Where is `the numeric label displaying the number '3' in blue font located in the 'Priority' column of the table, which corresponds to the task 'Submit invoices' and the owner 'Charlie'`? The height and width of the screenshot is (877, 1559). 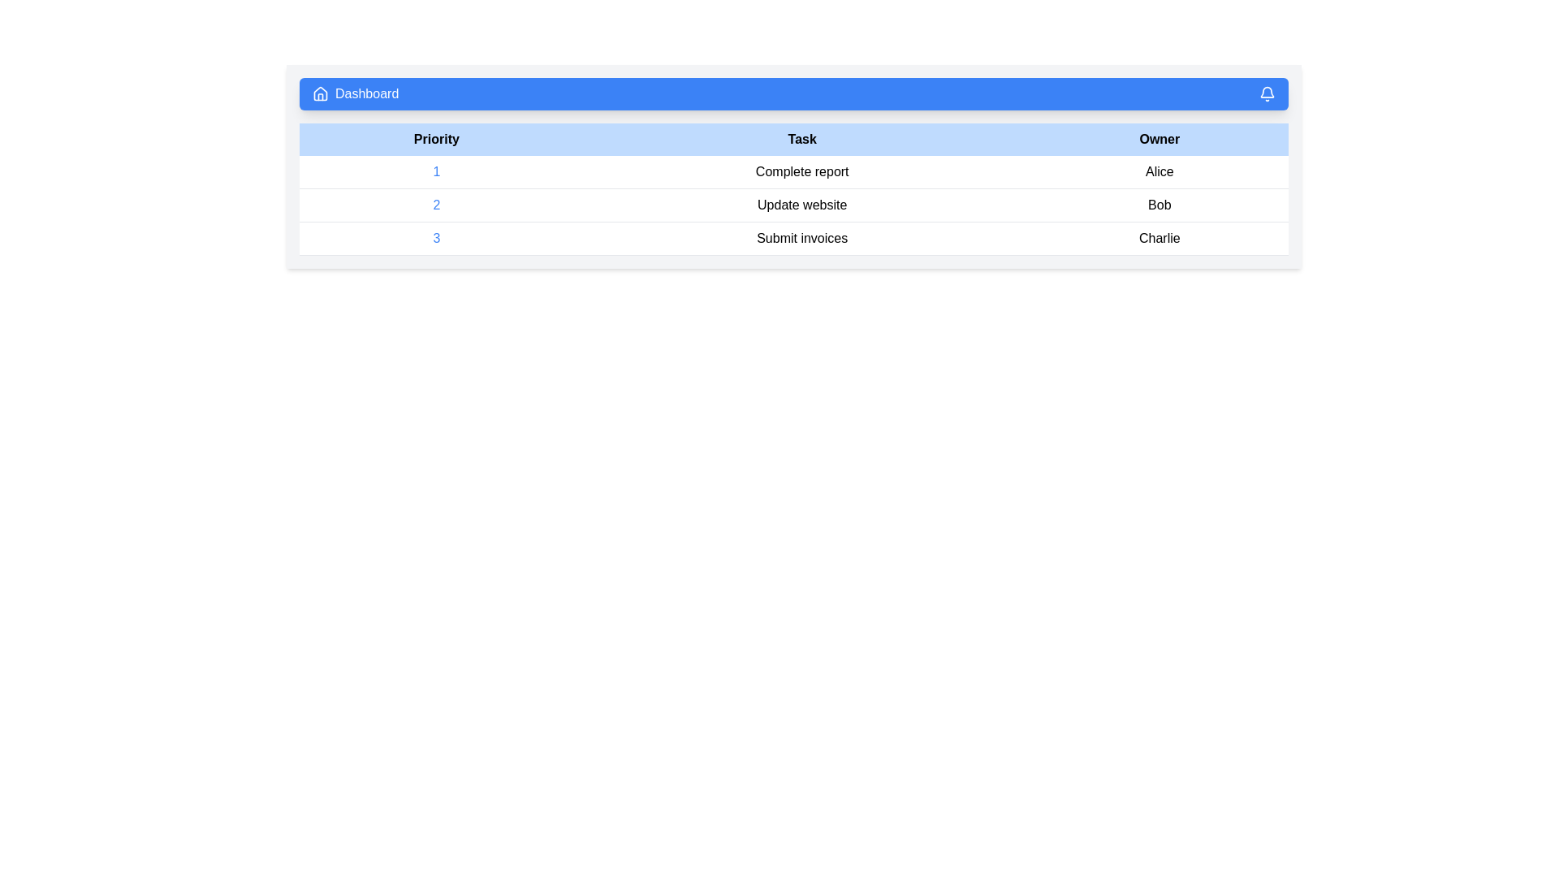 the numeric label displaying the number '3' in blue font located in the 'Priority' column of the table, which corresponds to the task 'Submit invoices' and the owner 'Charlie' is located at coordinates (436, 238).